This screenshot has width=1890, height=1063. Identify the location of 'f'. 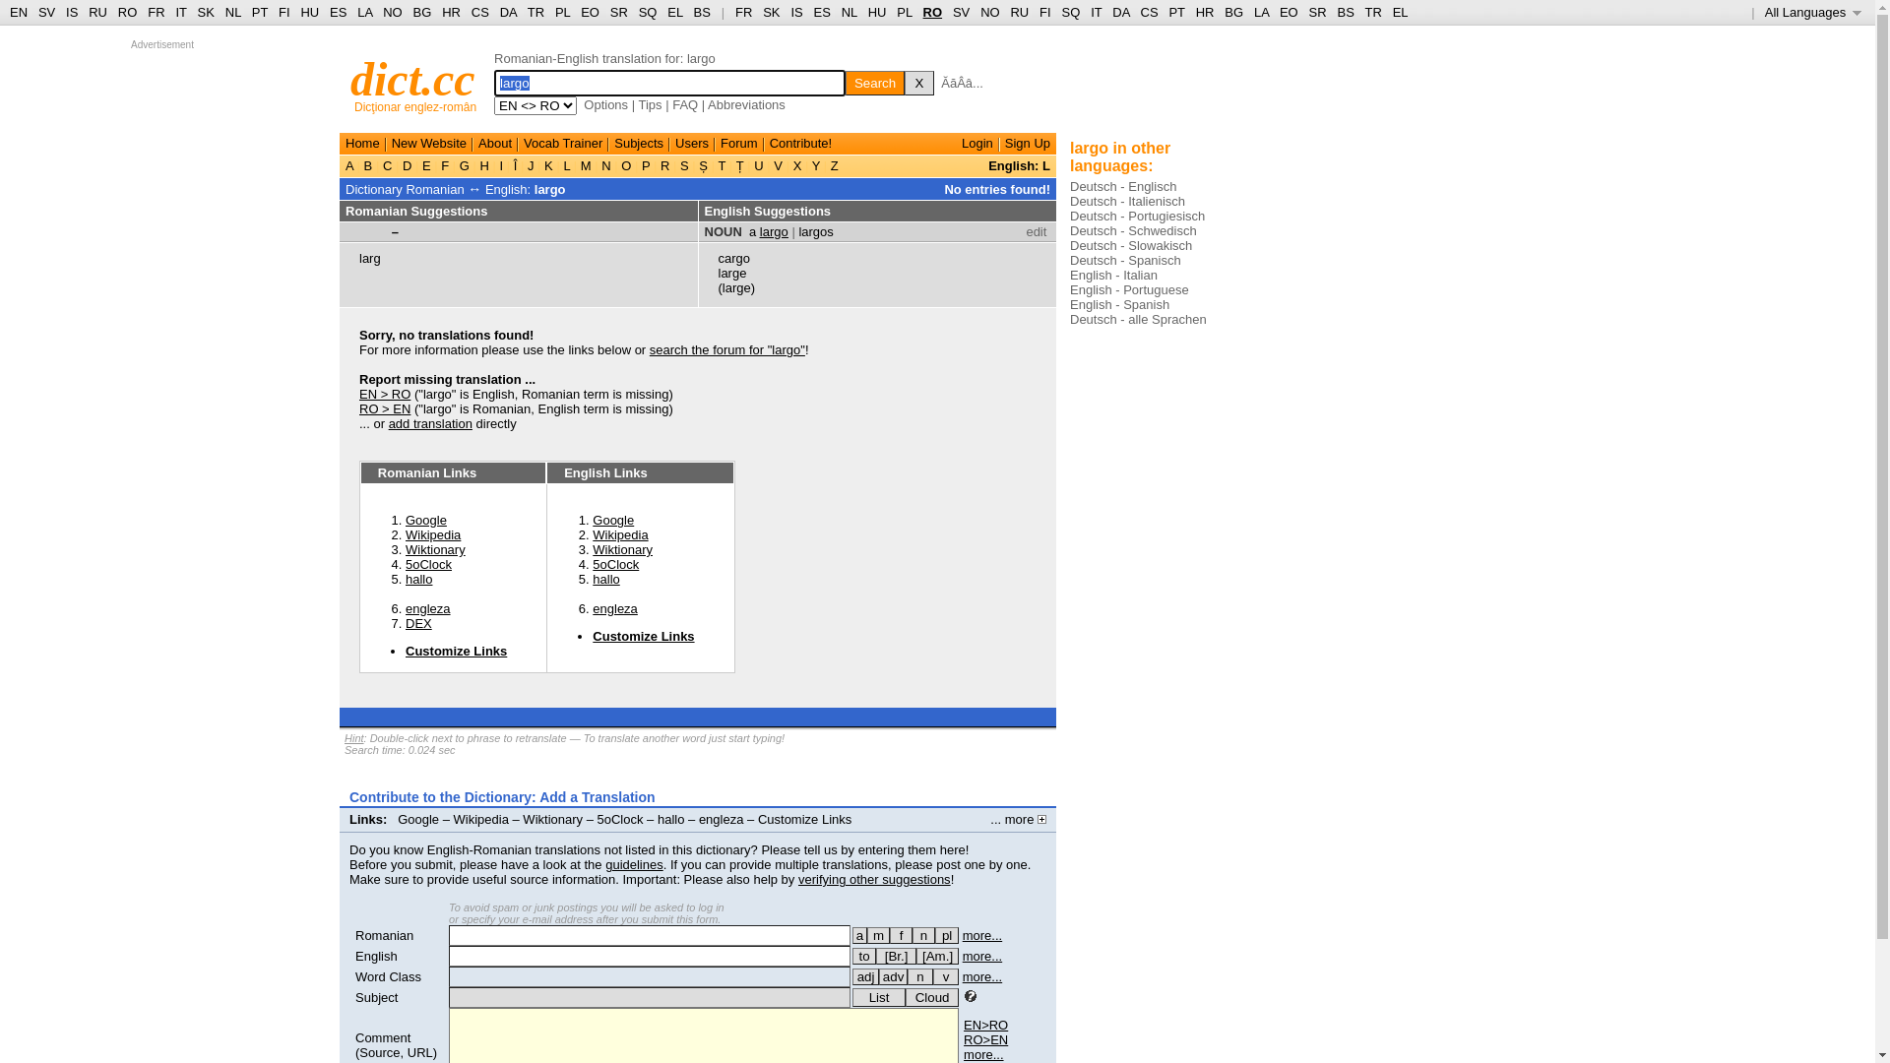
(900, 934).